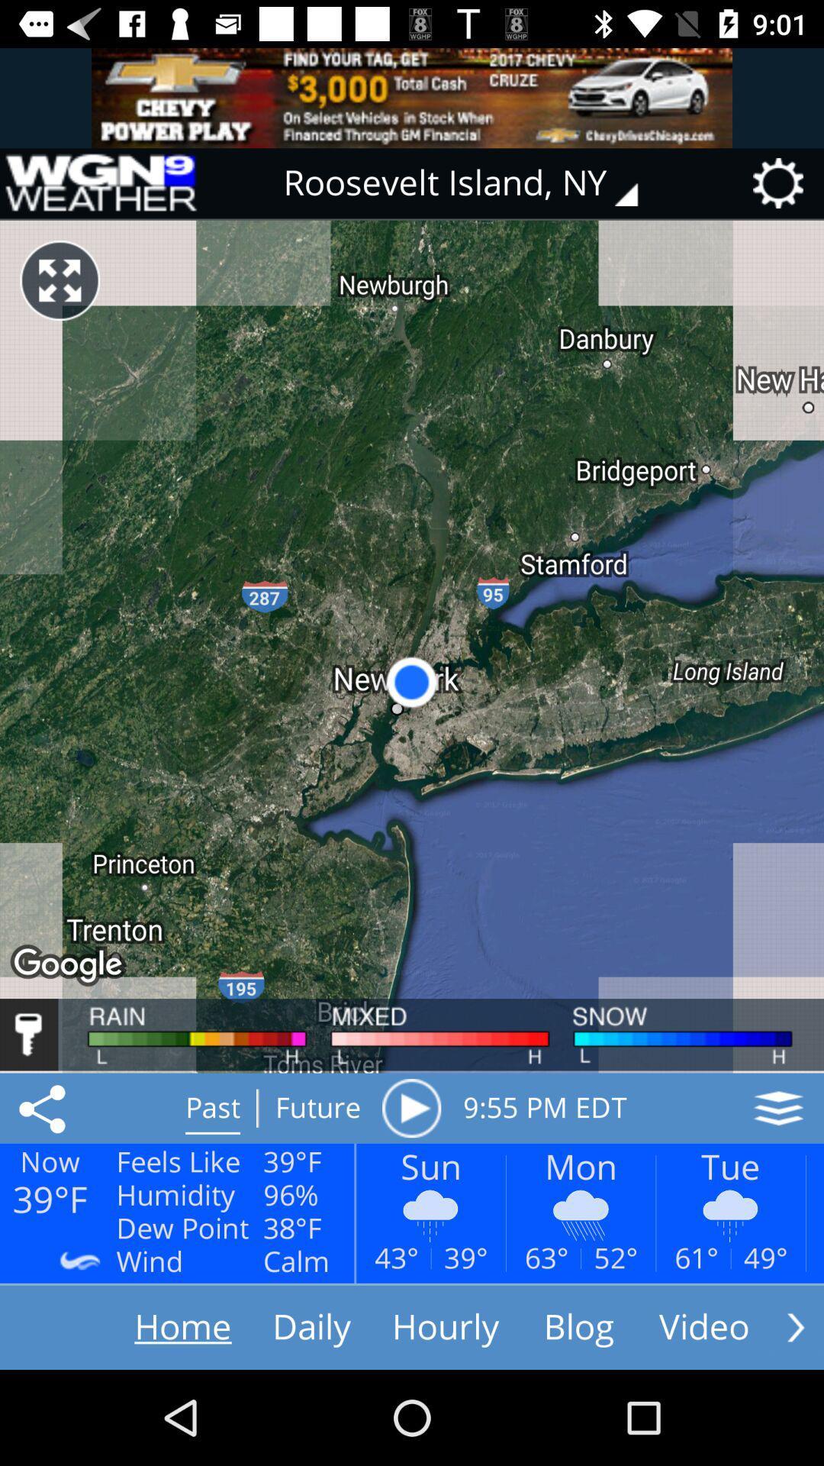  Describe the element at coordinates (795, 1326) in the screenshot. I see `more options` at that location.